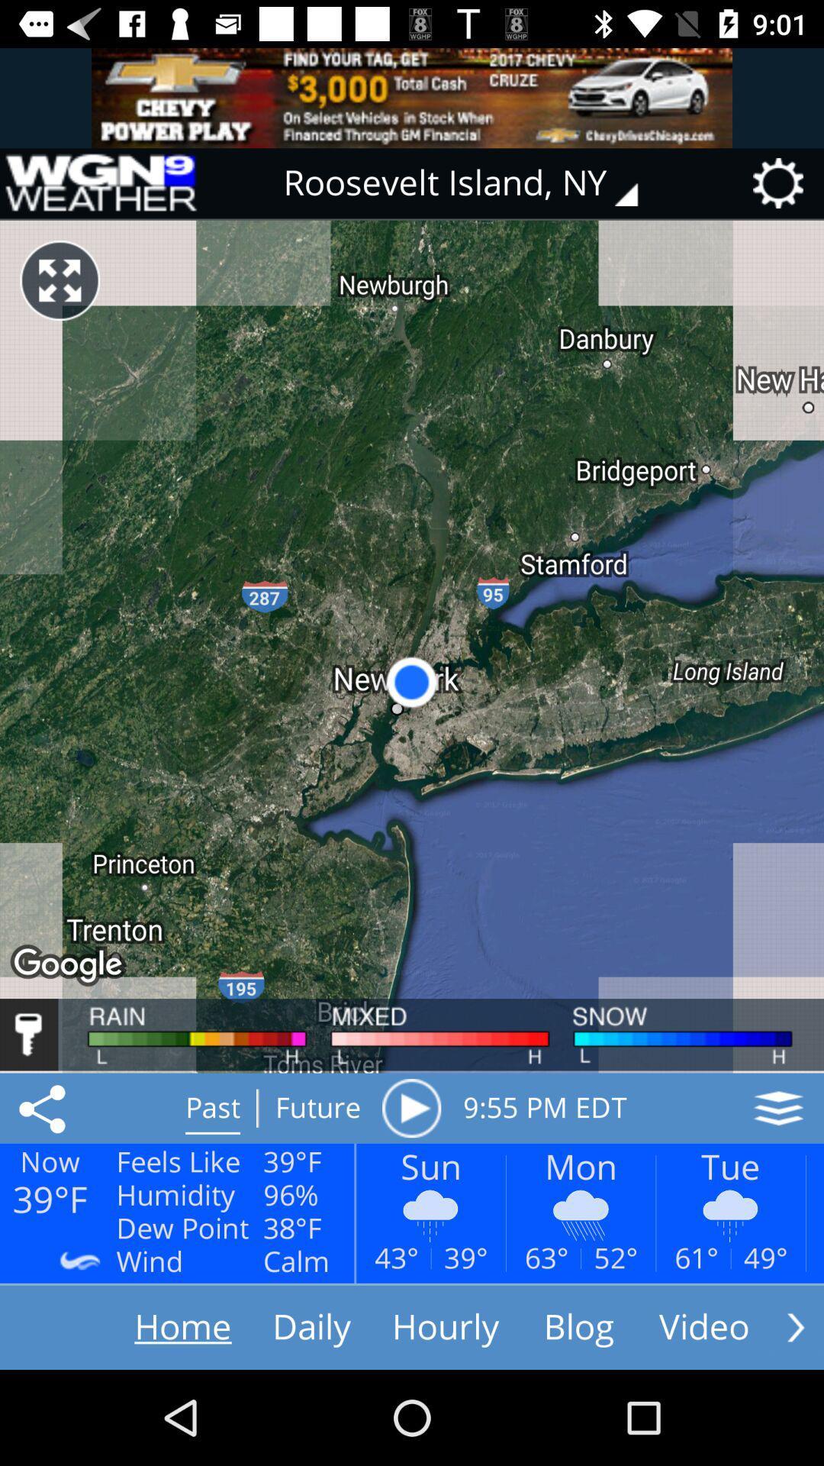  Describe the element at coordinates (795, 1326) in the screenshot. I see `more options` at that location.